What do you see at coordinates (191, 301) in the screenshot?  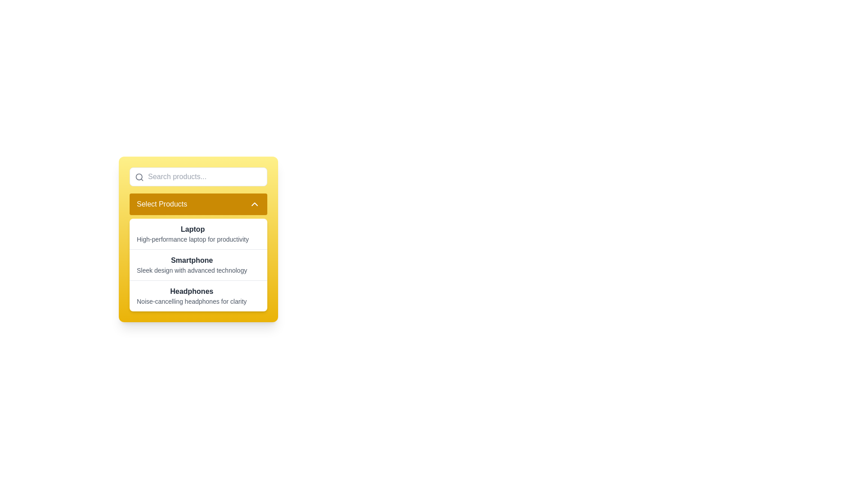 I see `the descriptive text located in the lower part of the vertical list under the 'Headphones' option` at bounding box center [191, 301].